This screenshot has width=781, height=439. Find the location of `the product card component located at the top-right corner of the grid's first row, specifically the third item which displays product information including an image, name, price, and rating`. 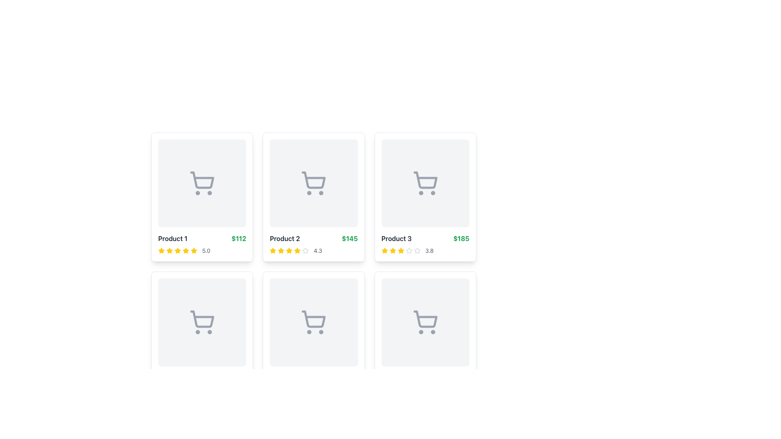

the product card component located at the top-right corner of the grid's first row, specifically the third item which displays product information including an image, name, price, and rating is located at coordinates (425, 197).